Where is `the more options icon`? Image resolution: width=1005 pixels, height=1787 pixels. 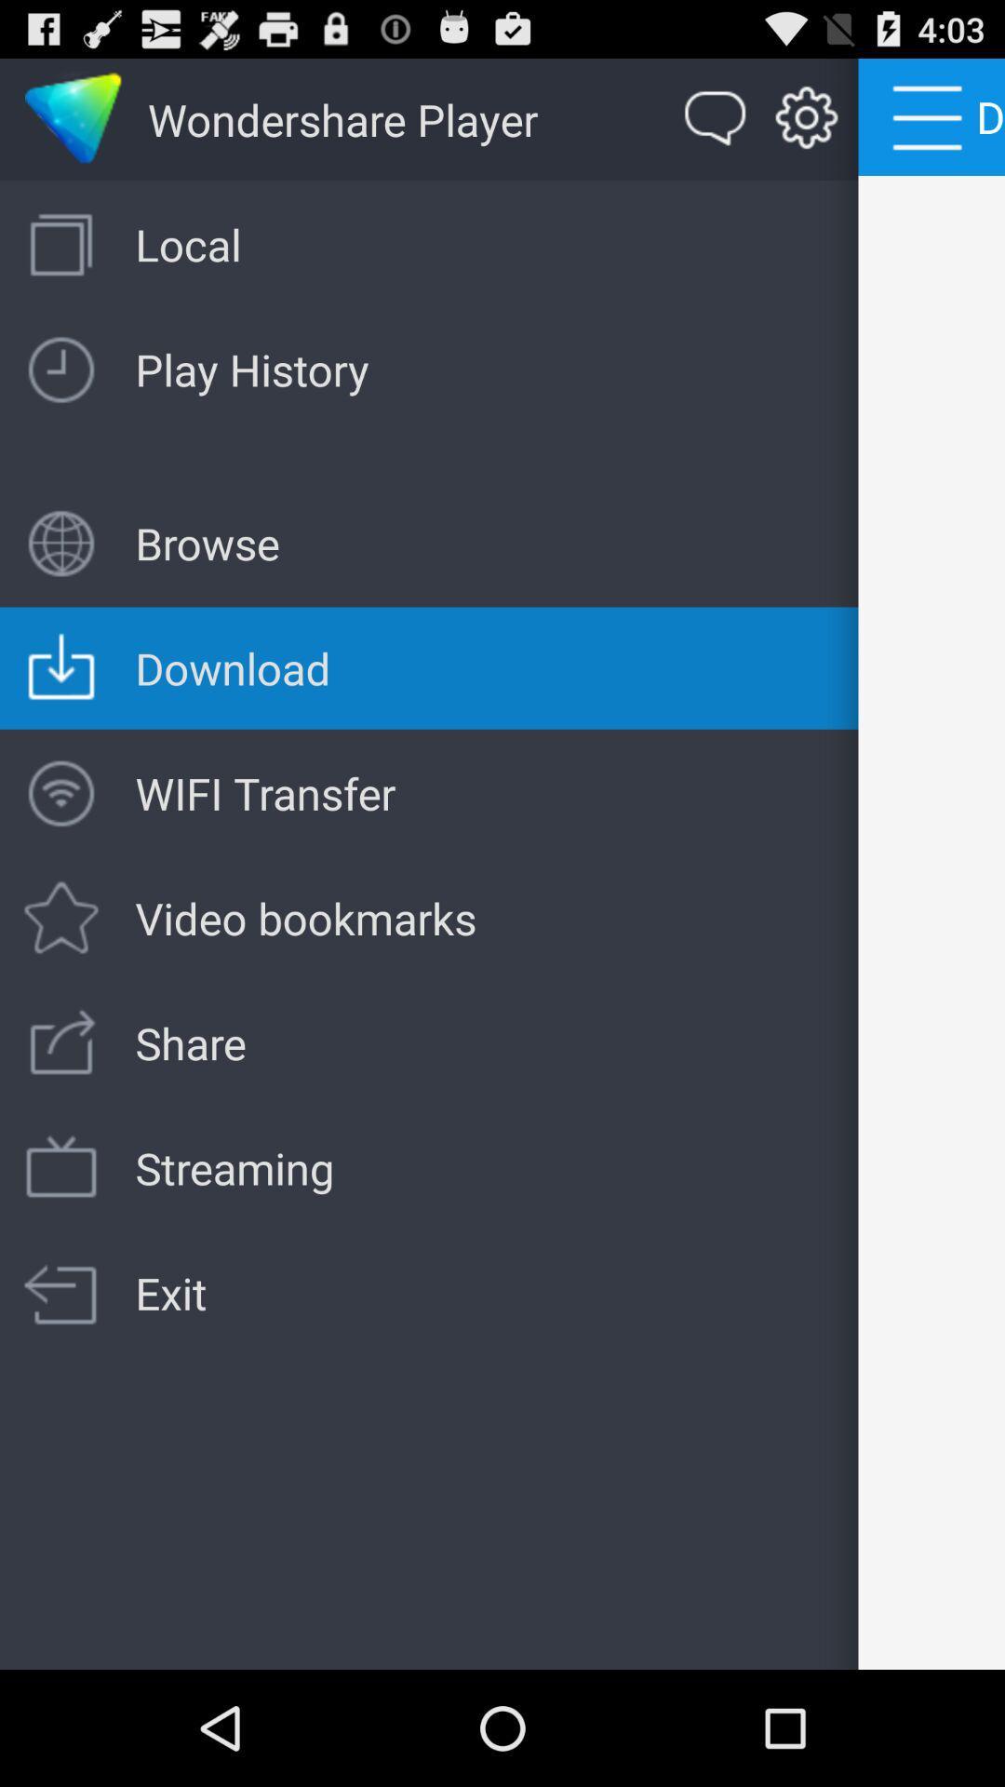
the more options icon is located at coordinates (931, 115).